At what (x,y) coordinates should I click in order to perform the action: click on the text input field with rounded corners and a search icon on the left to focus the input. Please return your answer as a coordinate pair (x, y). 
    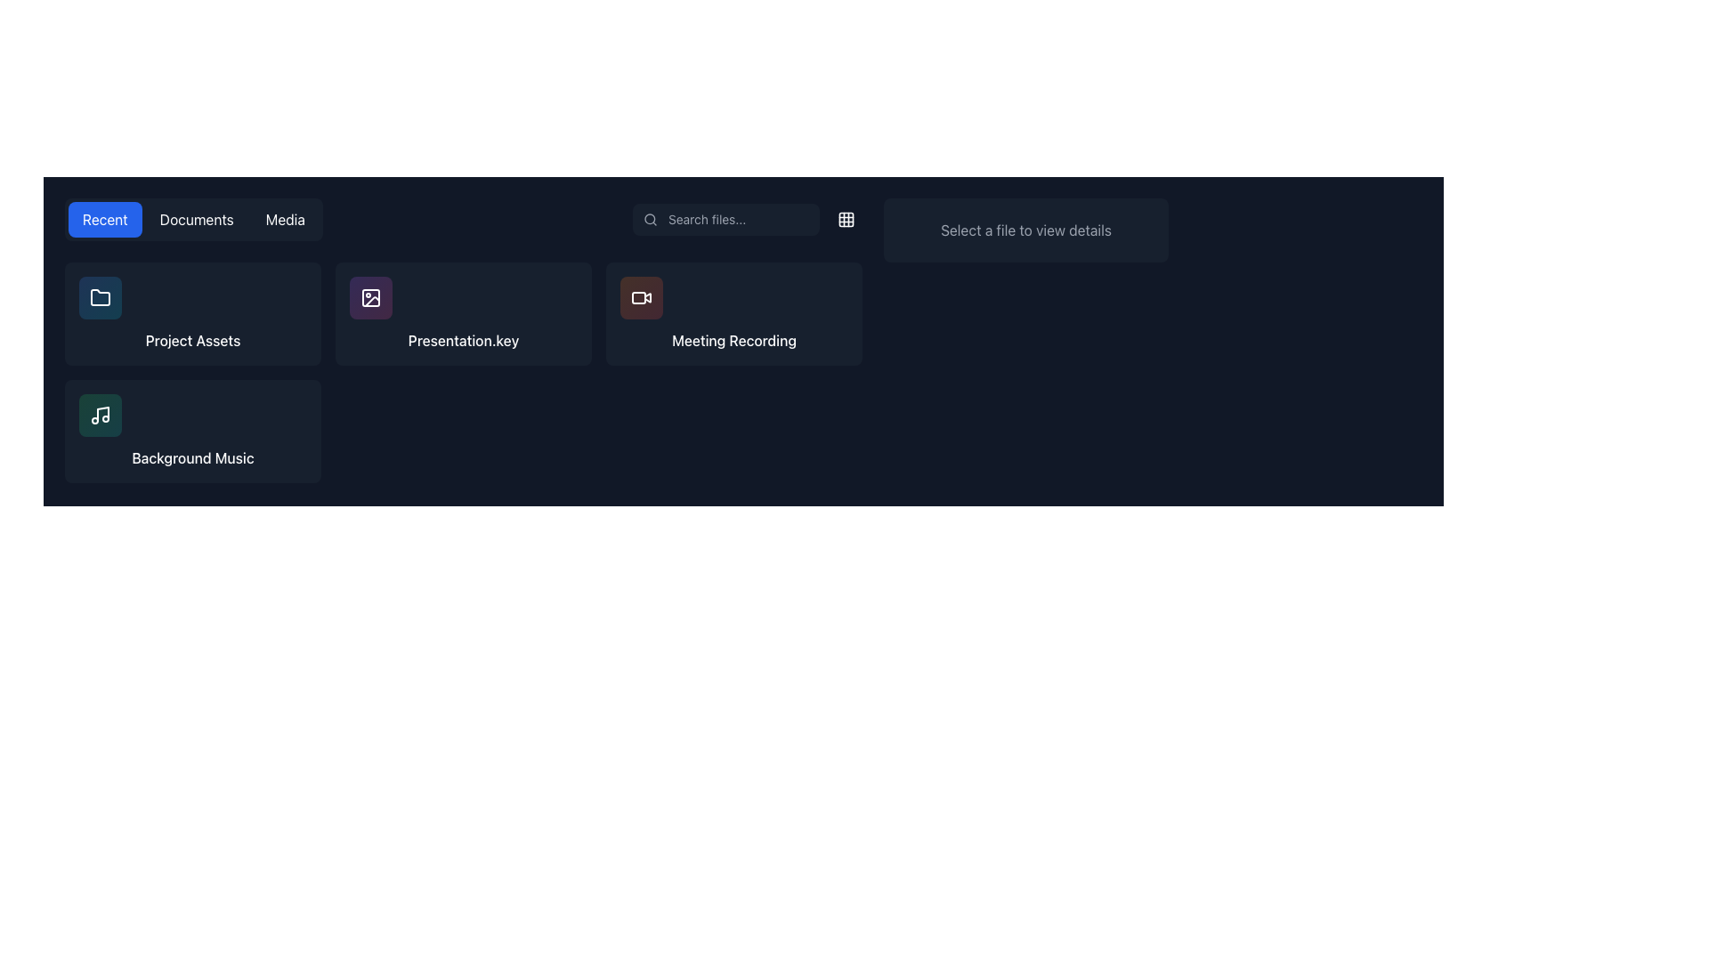
    Looking at the image, I should click on (726, 218).